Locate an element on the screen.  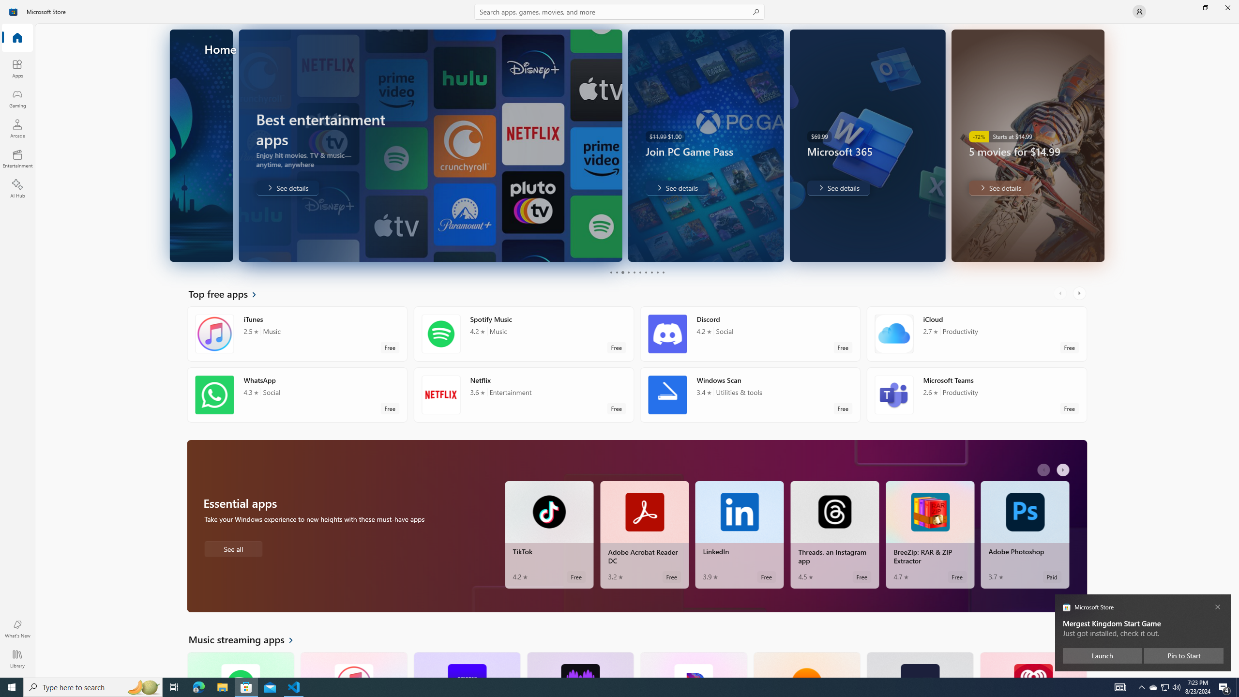
'See all  Essential apps' is located at coordinates (233, 548).